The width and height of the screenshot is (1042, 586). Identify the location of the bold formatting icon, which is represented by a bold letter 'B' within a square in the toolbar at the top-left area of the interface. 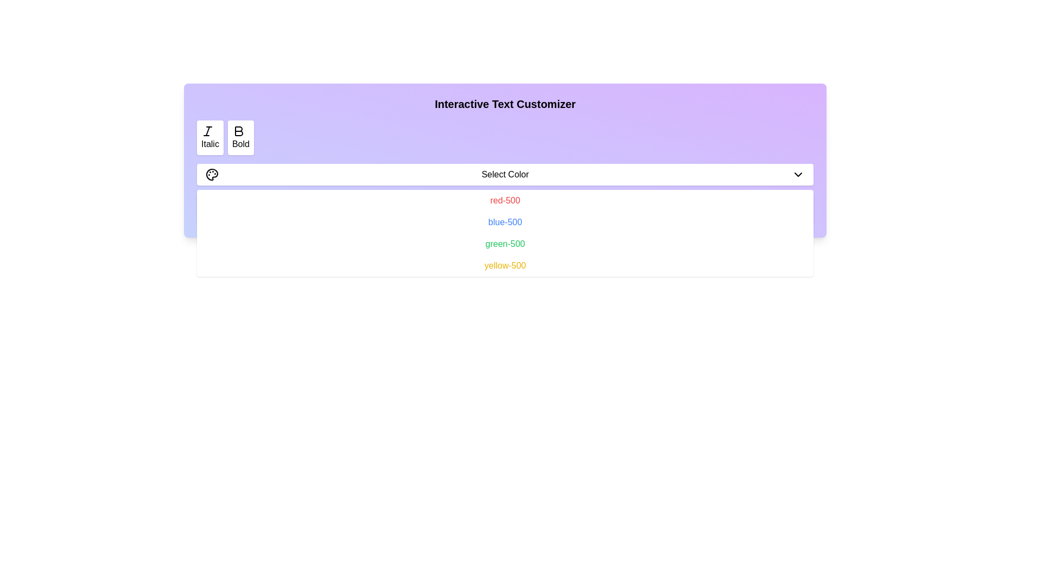
(238, 131).